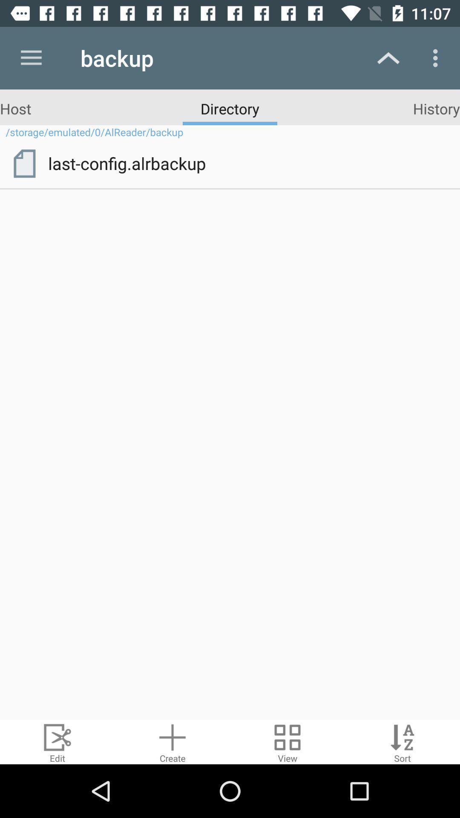  Describe the element at coordinates (437, 58) in the screenshot. I see `the item above the history` at that location.